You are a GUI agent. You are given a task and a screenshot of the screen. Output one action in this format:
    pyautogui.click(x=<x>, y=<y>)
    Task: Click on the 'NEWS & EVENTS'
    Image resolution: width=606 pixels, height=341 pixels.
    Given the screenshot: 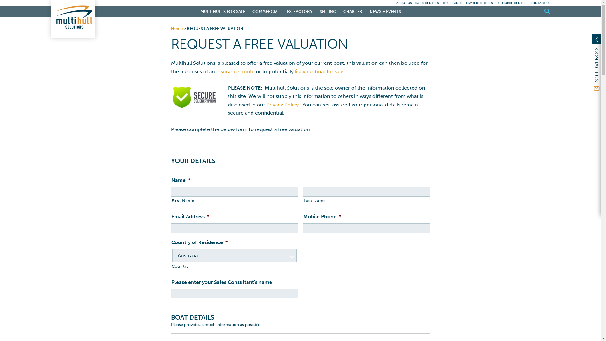 What is the action you would take?
    pyautogui.click(x=385, y=11)
    